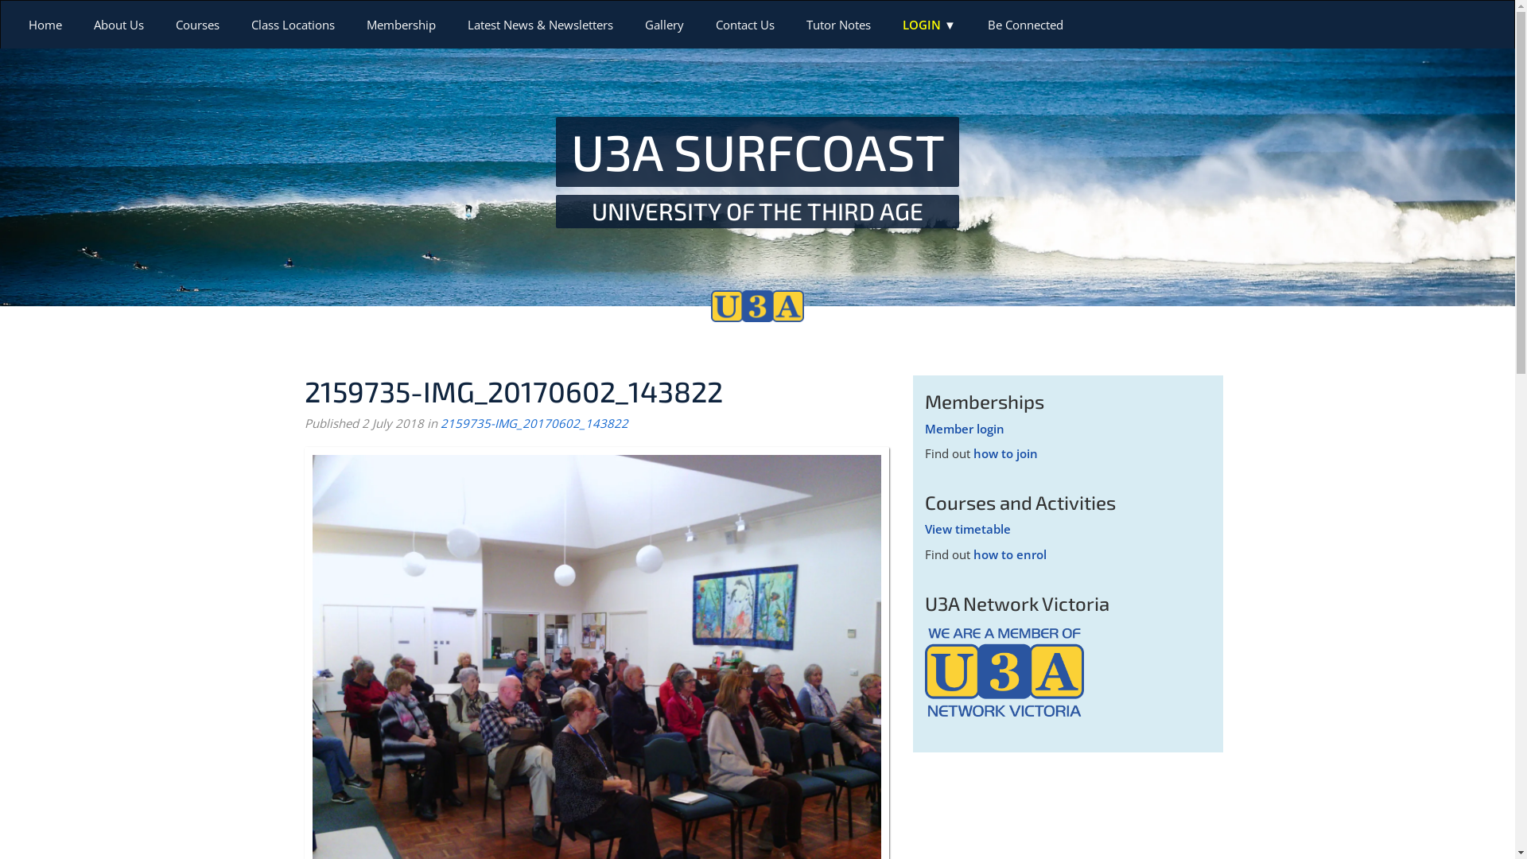 The height and width of the screenshot is (859, 1527). I want to click on 'Member login', so click(963, 428).